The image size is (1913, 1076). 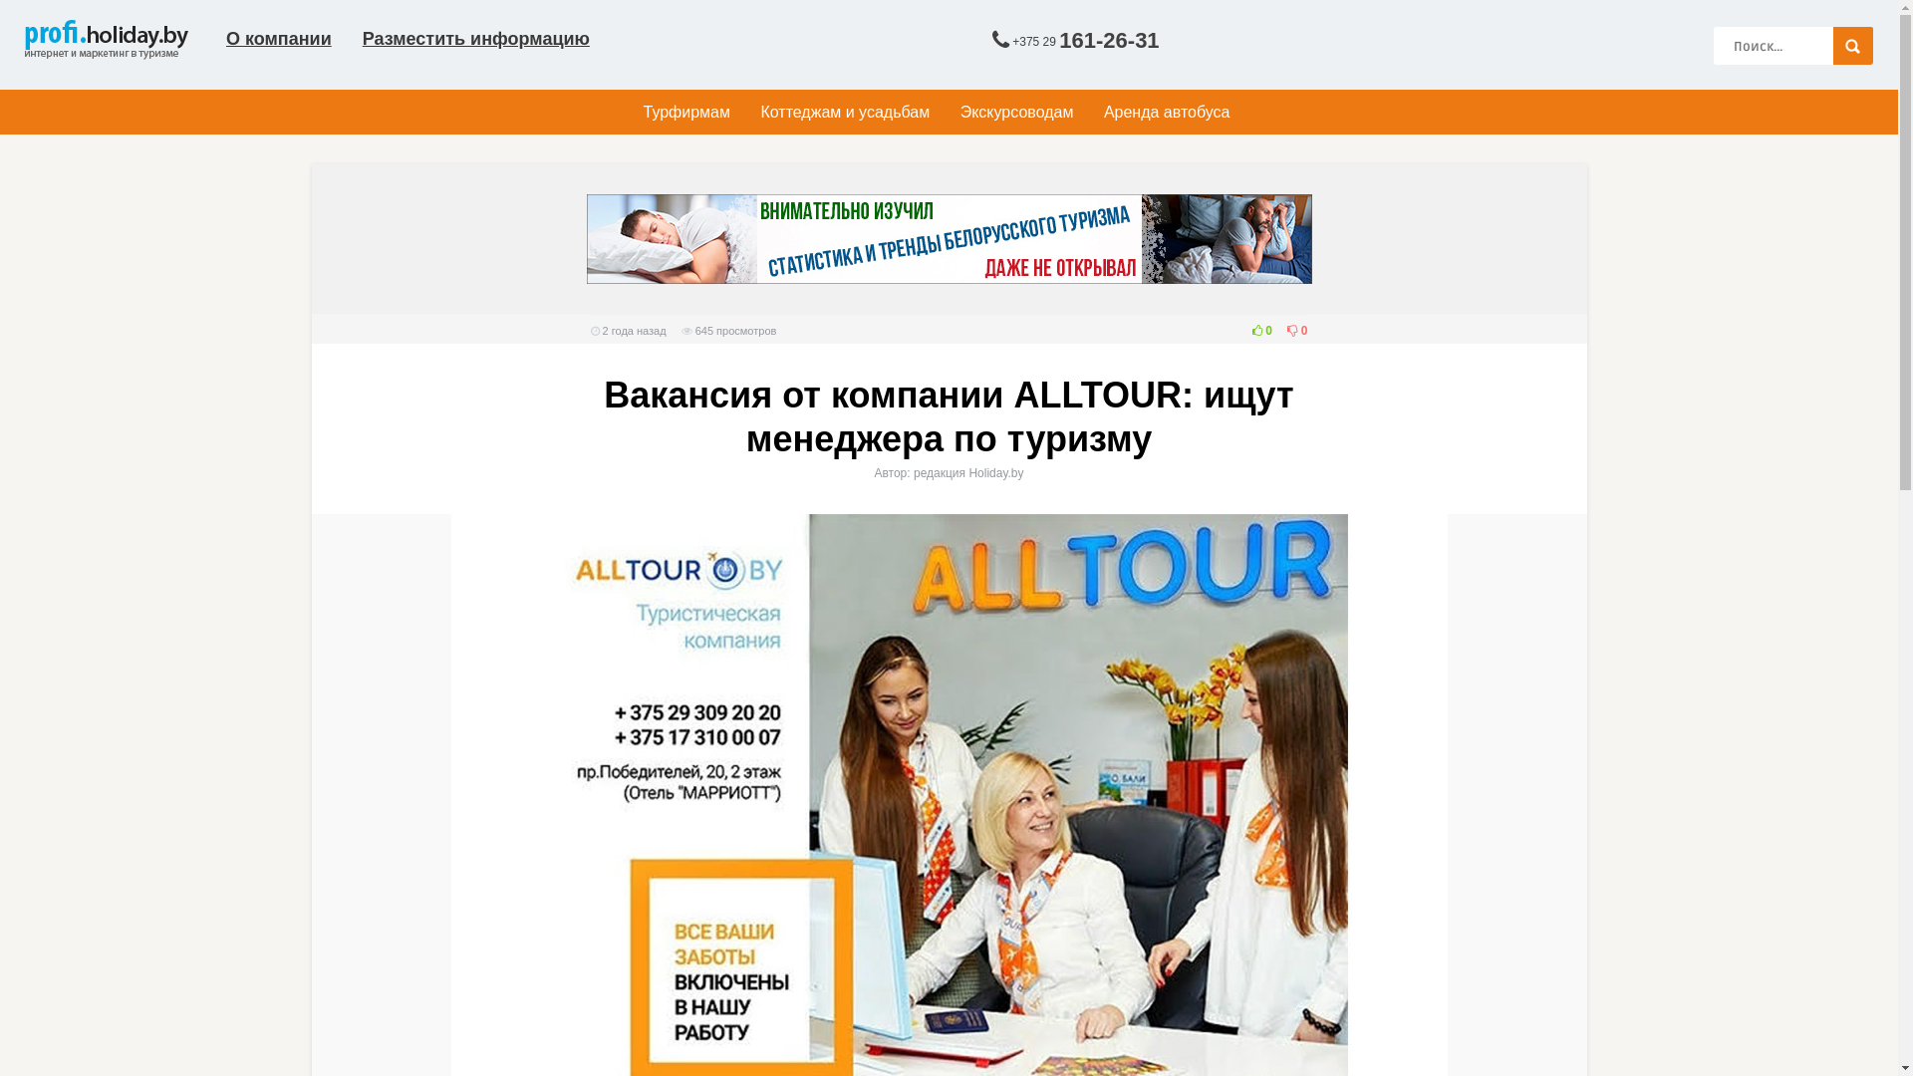 I want to click on '0', so click(x=1291, y=329).